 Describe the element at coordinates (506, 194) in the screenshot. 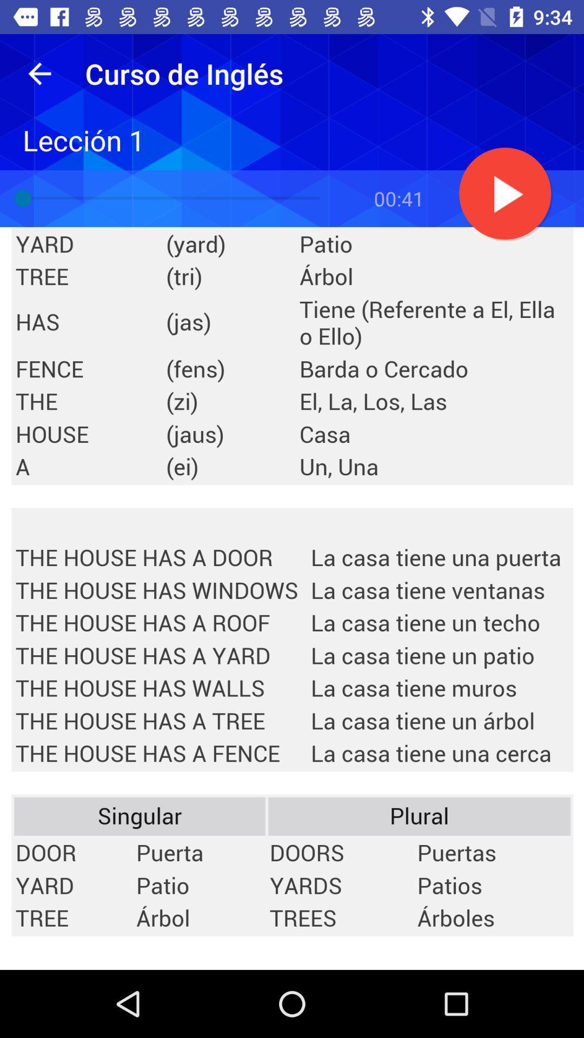

I see `the play icon` at that location.